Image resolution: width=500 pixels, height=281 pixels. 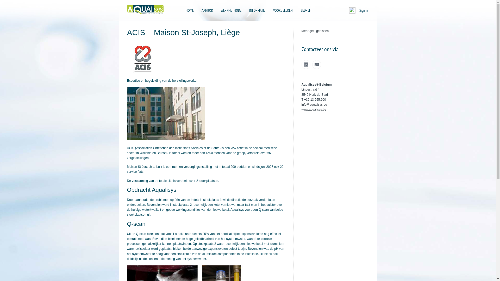 I want to click on 'WERKMETHODE', so click(x=231, y=10).